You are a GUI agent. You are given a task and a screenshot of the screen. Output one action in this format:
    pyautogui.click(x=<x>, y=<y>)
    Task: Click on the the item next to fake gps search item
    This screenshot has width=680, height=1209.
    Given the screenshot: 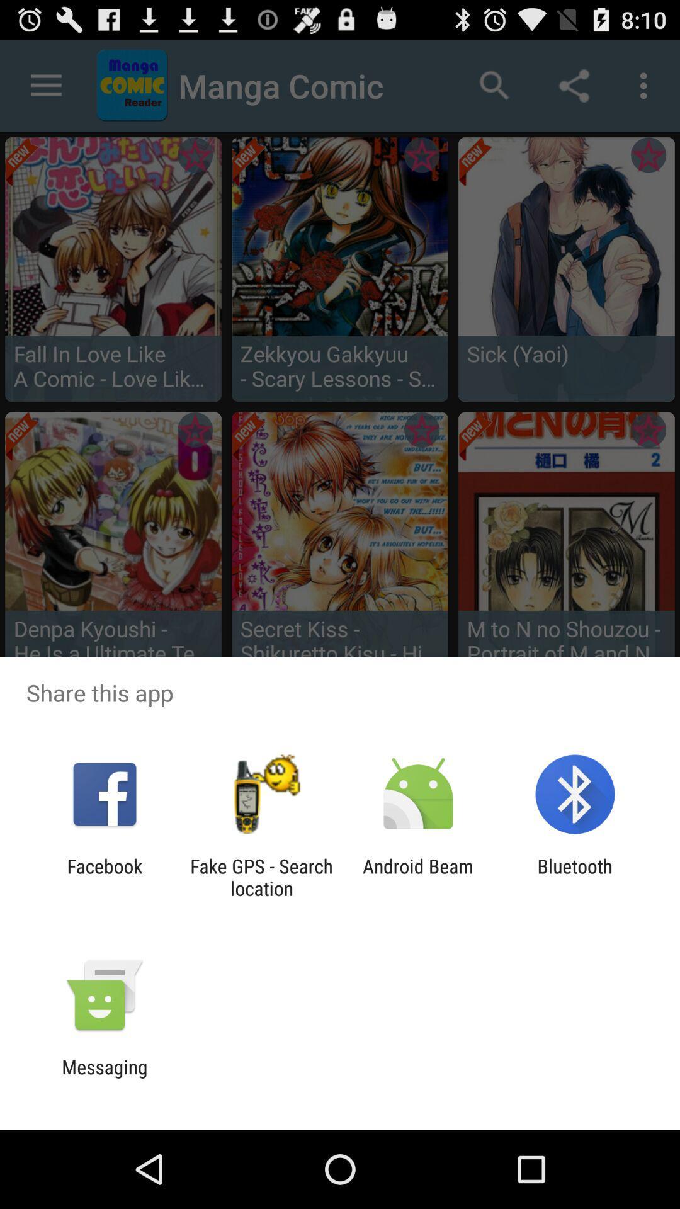 What is the action you would take?
    pyautogui.click(x=418, y=877)
    